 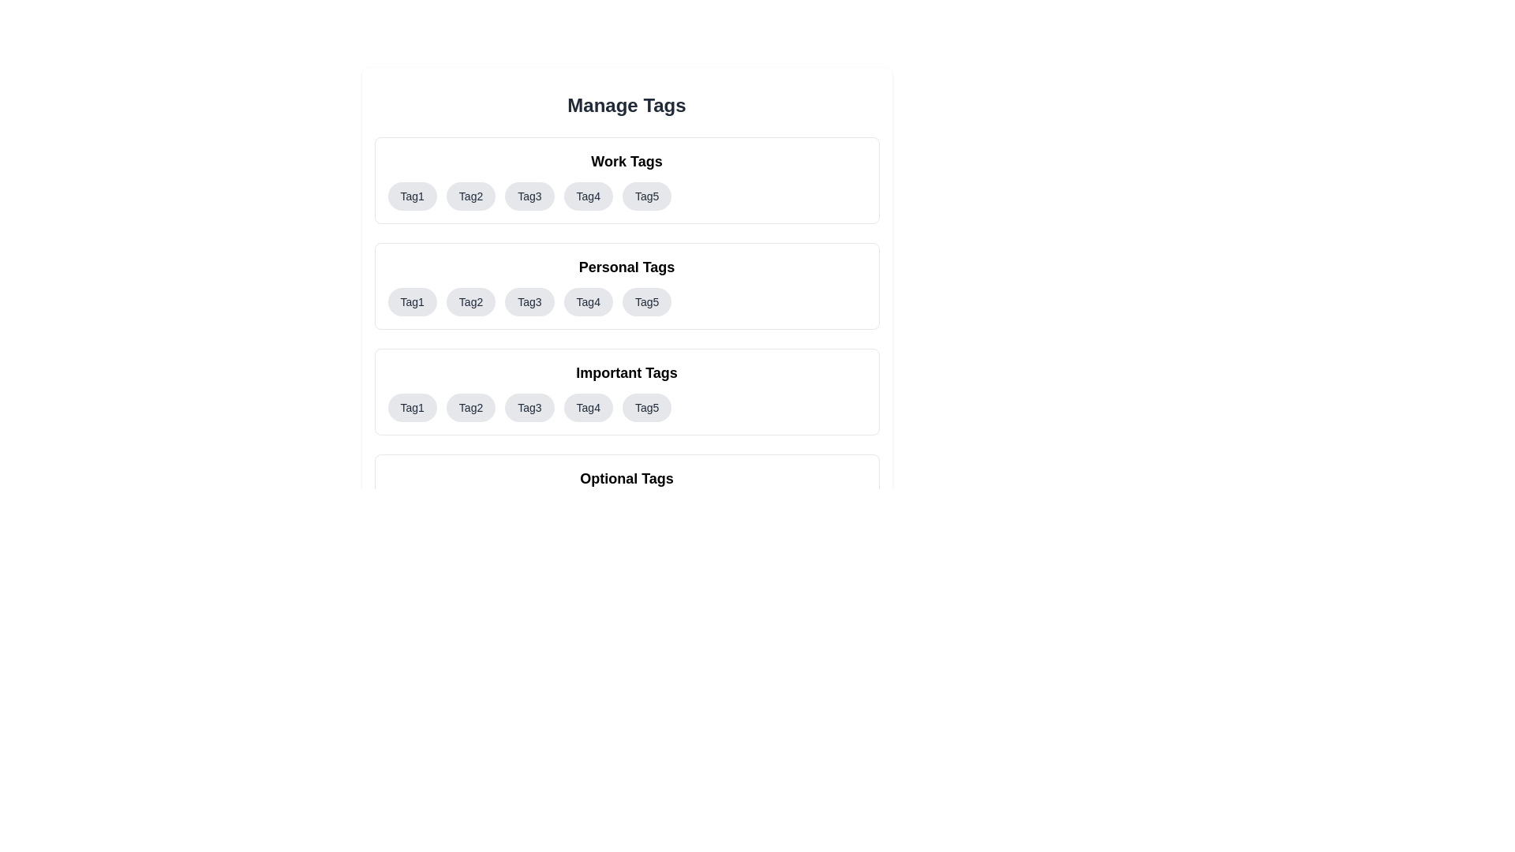 What do you see at coordinates (587, 301) in the screenshot?
I see `the button labeled 'Tag4', which is the fourth button in the horizontal row of 'Tag' buttons under the 'Personal Tags' section` at bounding box center [587, 301].